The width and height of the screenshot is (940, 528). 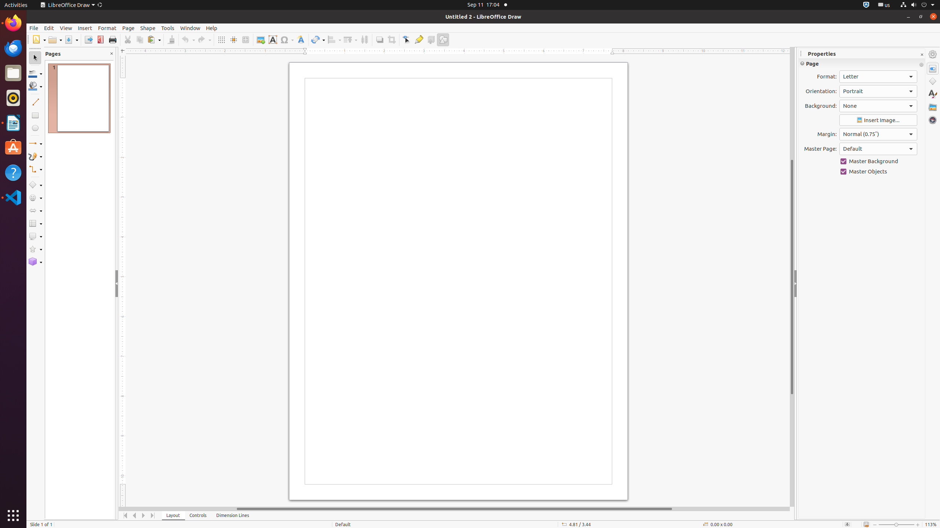 I want to click on 'Shadow', so click(x=379, y=39).